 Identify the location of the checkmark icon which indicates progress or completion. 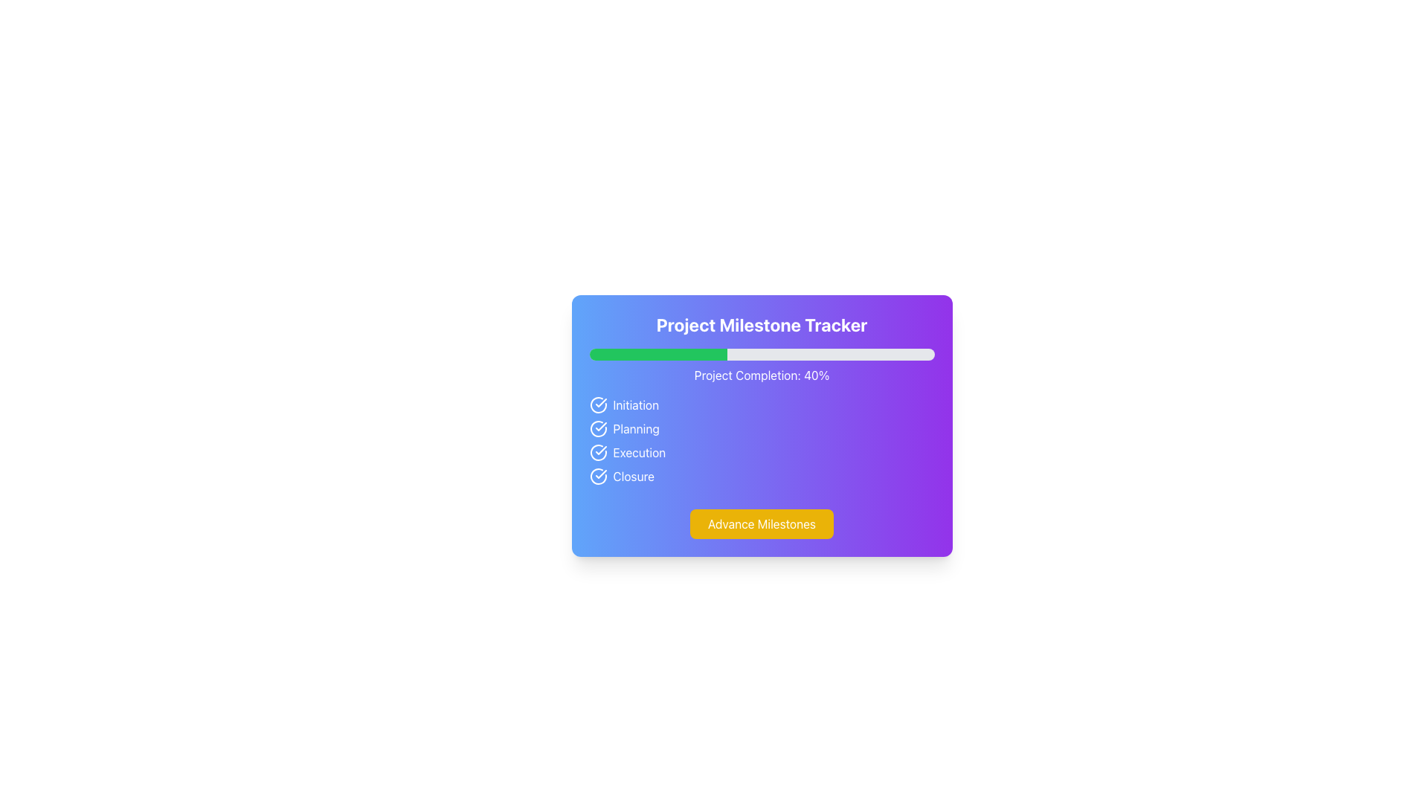
(600, 427).